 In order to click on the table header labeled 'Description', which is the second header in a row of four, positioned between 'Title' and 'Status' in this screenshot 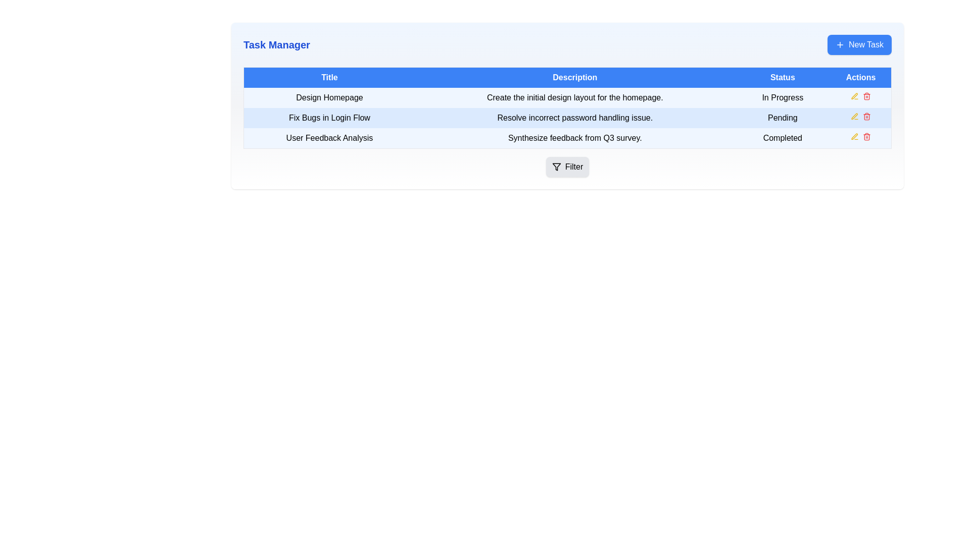, I will do `click(575, 77)`.